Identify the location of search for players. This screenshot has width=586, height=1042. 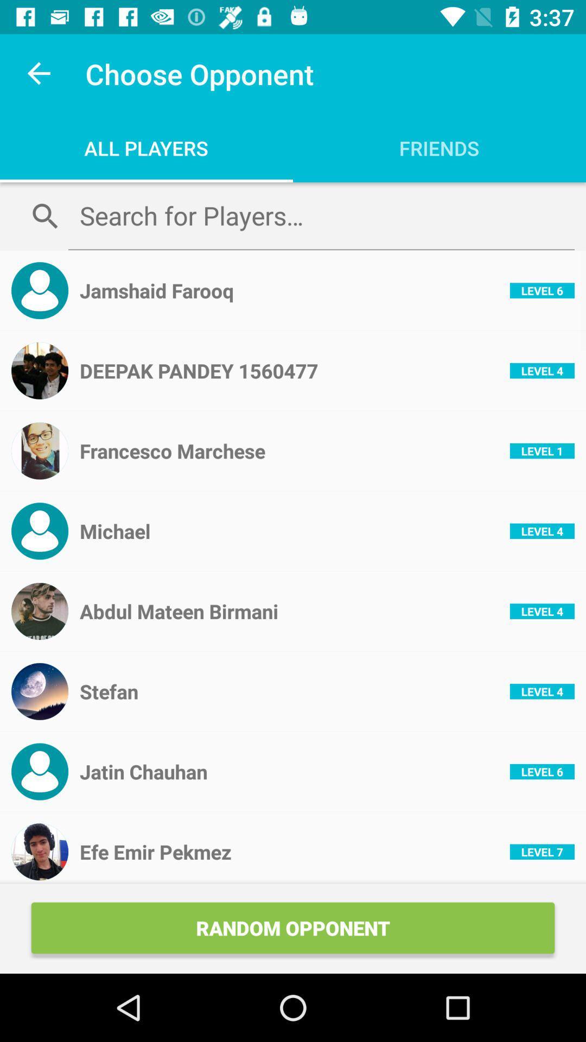
(321, 215).